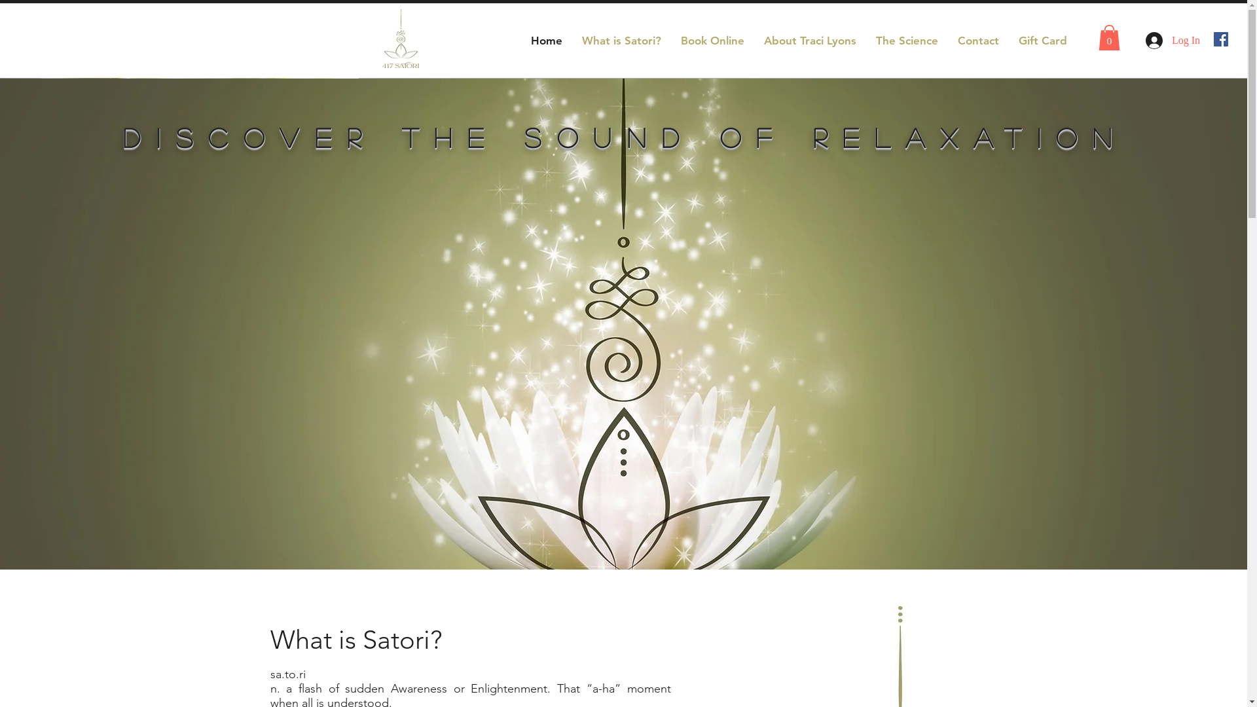 The width and height of the screenshot is (1257, 707). What do you see at coordinates (572, 40) in the screenshot?
I see `'What is Satori?'` at bounding box center [572, 40].